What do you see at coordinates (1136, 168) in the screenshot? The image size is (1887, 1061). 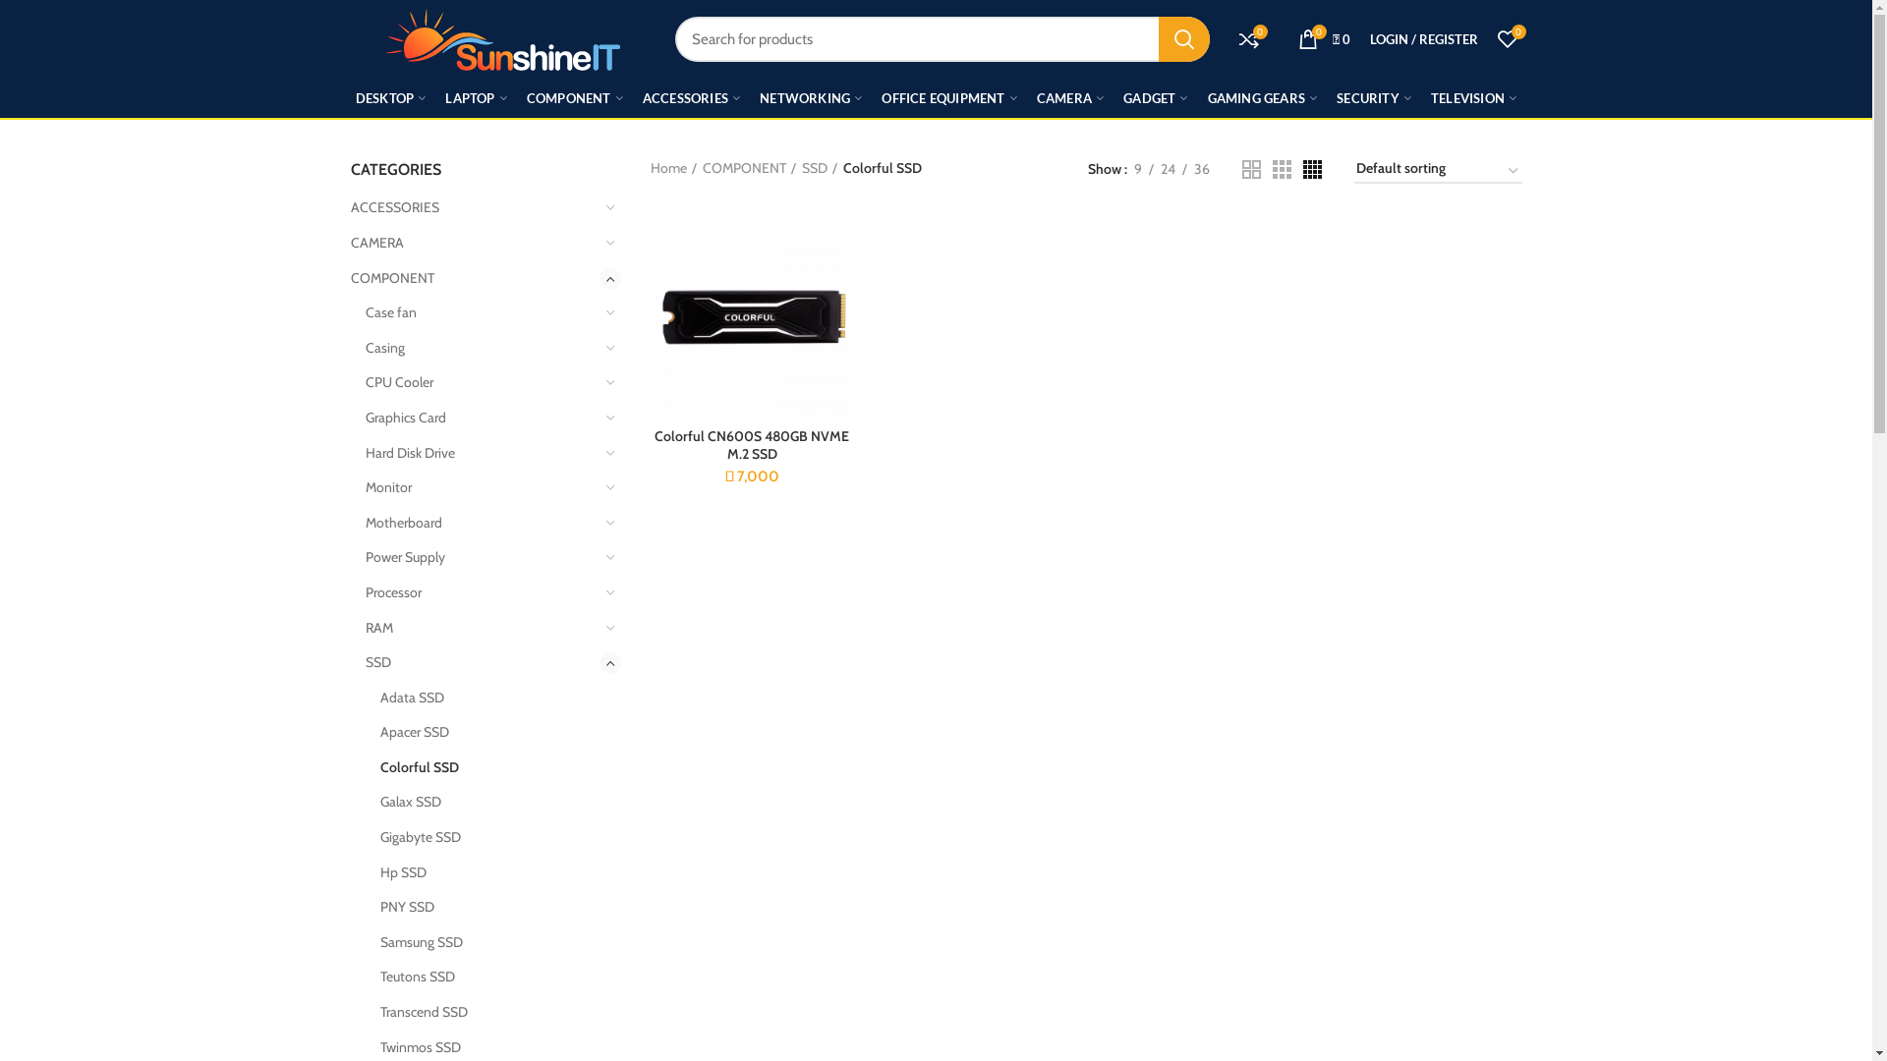 I see `'9'` at bounding box center [1136, 168].